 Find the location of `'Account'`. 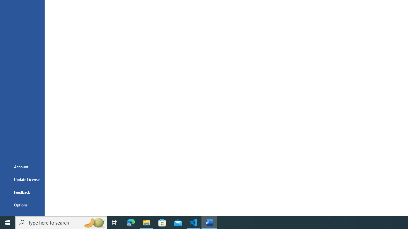

'Account' is located at coordinates (22, 166).